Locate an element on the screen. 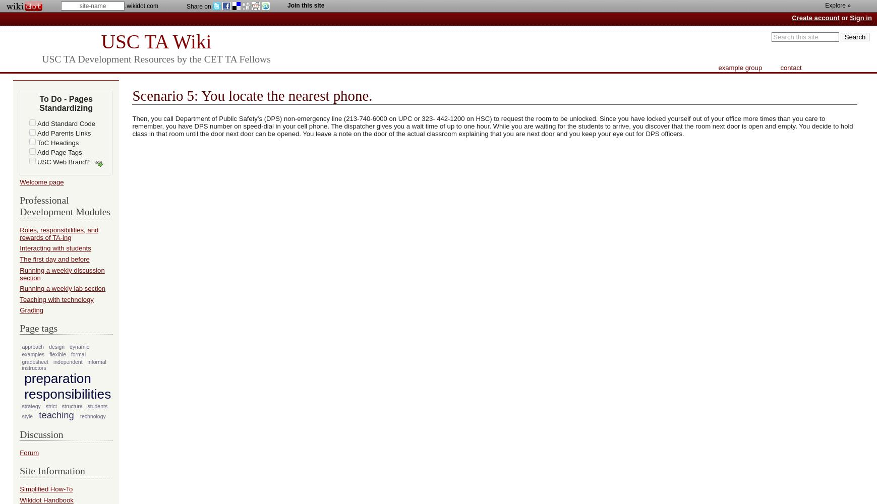  '.wikidot.com' is located at coordinates (141, 6).